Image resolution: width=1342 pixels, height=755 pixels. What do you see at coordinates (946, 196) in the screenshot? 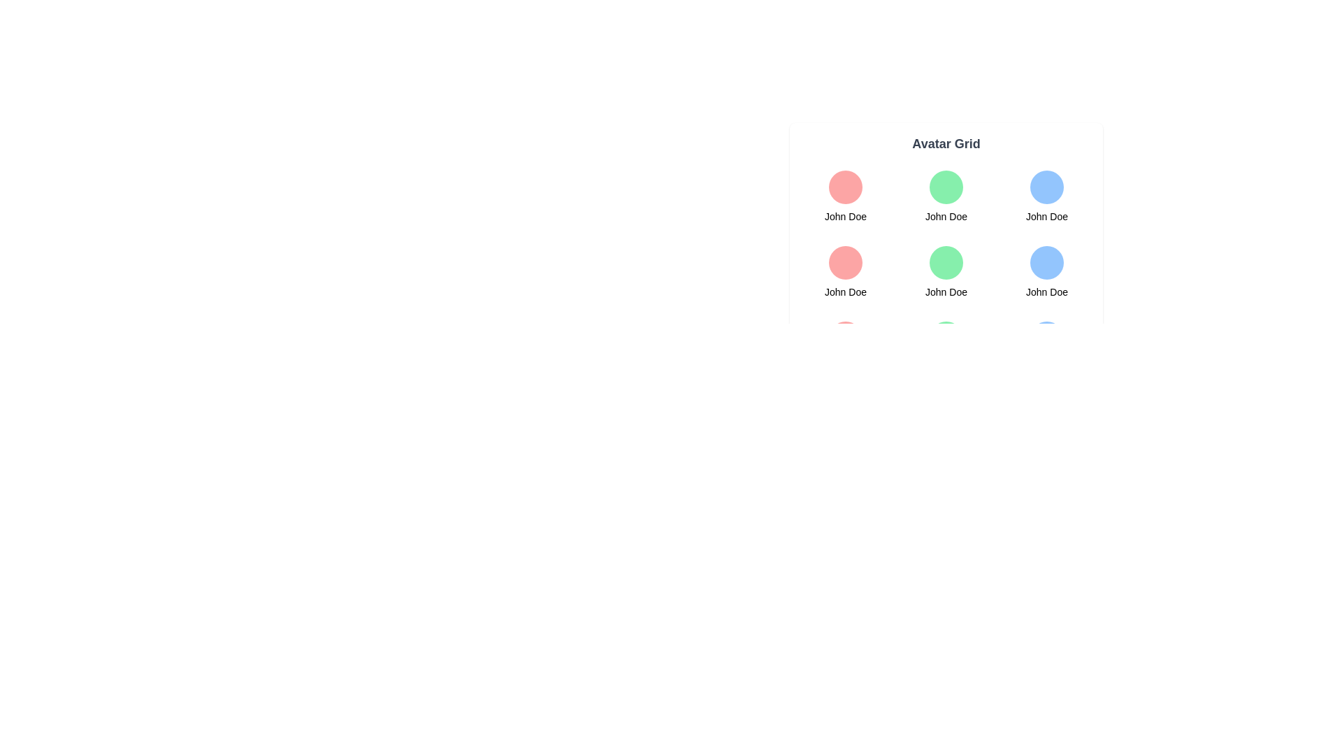
I see `the Profile avatar representing 'John Doe'` at bounding box center [946, 196].